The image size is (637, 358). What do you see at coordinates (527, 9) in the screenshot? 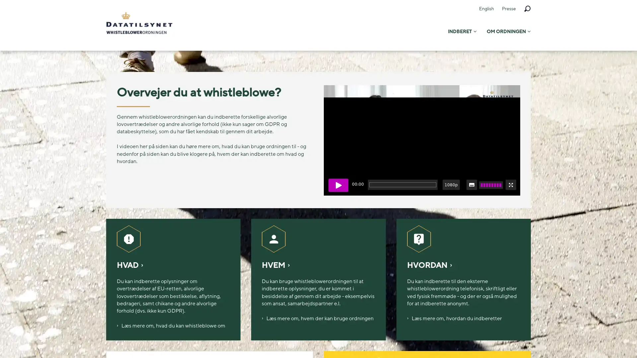
I see `Fold sgefelt ud` at bounding box center [527, 9].